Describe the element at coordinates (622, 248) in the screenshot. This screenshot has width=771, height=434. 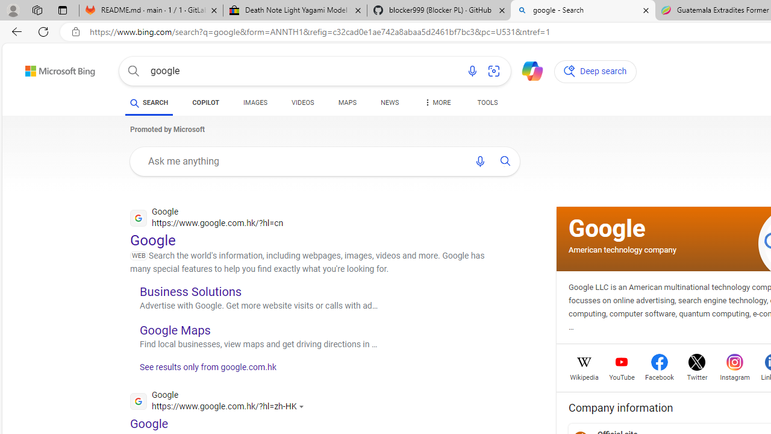
I see `'American technology company'` at that location.